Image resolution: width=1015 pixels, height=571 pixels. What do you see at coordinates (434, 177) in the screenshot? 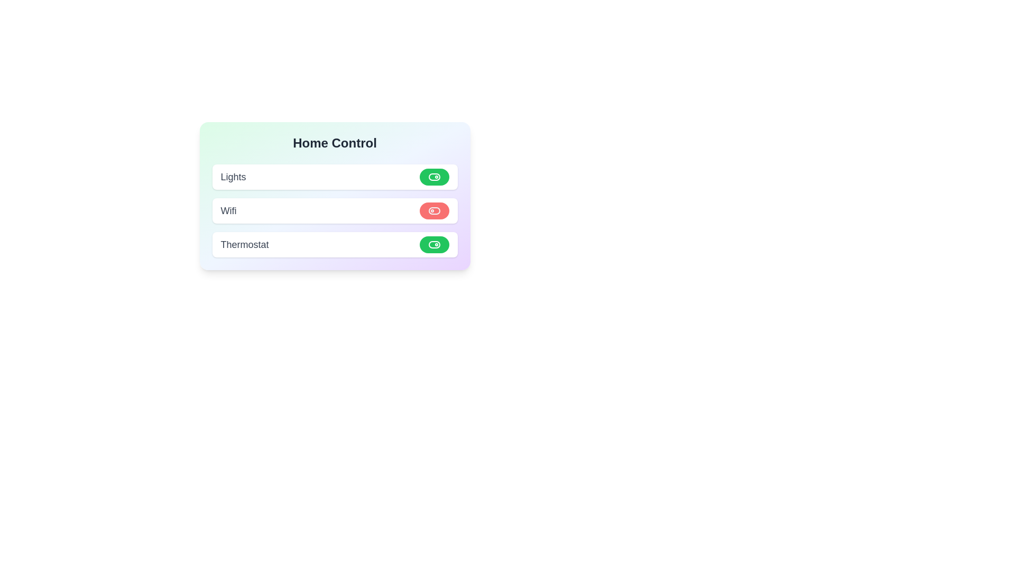
I see `the toggle switch icon with a green background located on the right side of the 'Lights' row within the 'Home Control' card to change its state` at bounding box center [434, 177].